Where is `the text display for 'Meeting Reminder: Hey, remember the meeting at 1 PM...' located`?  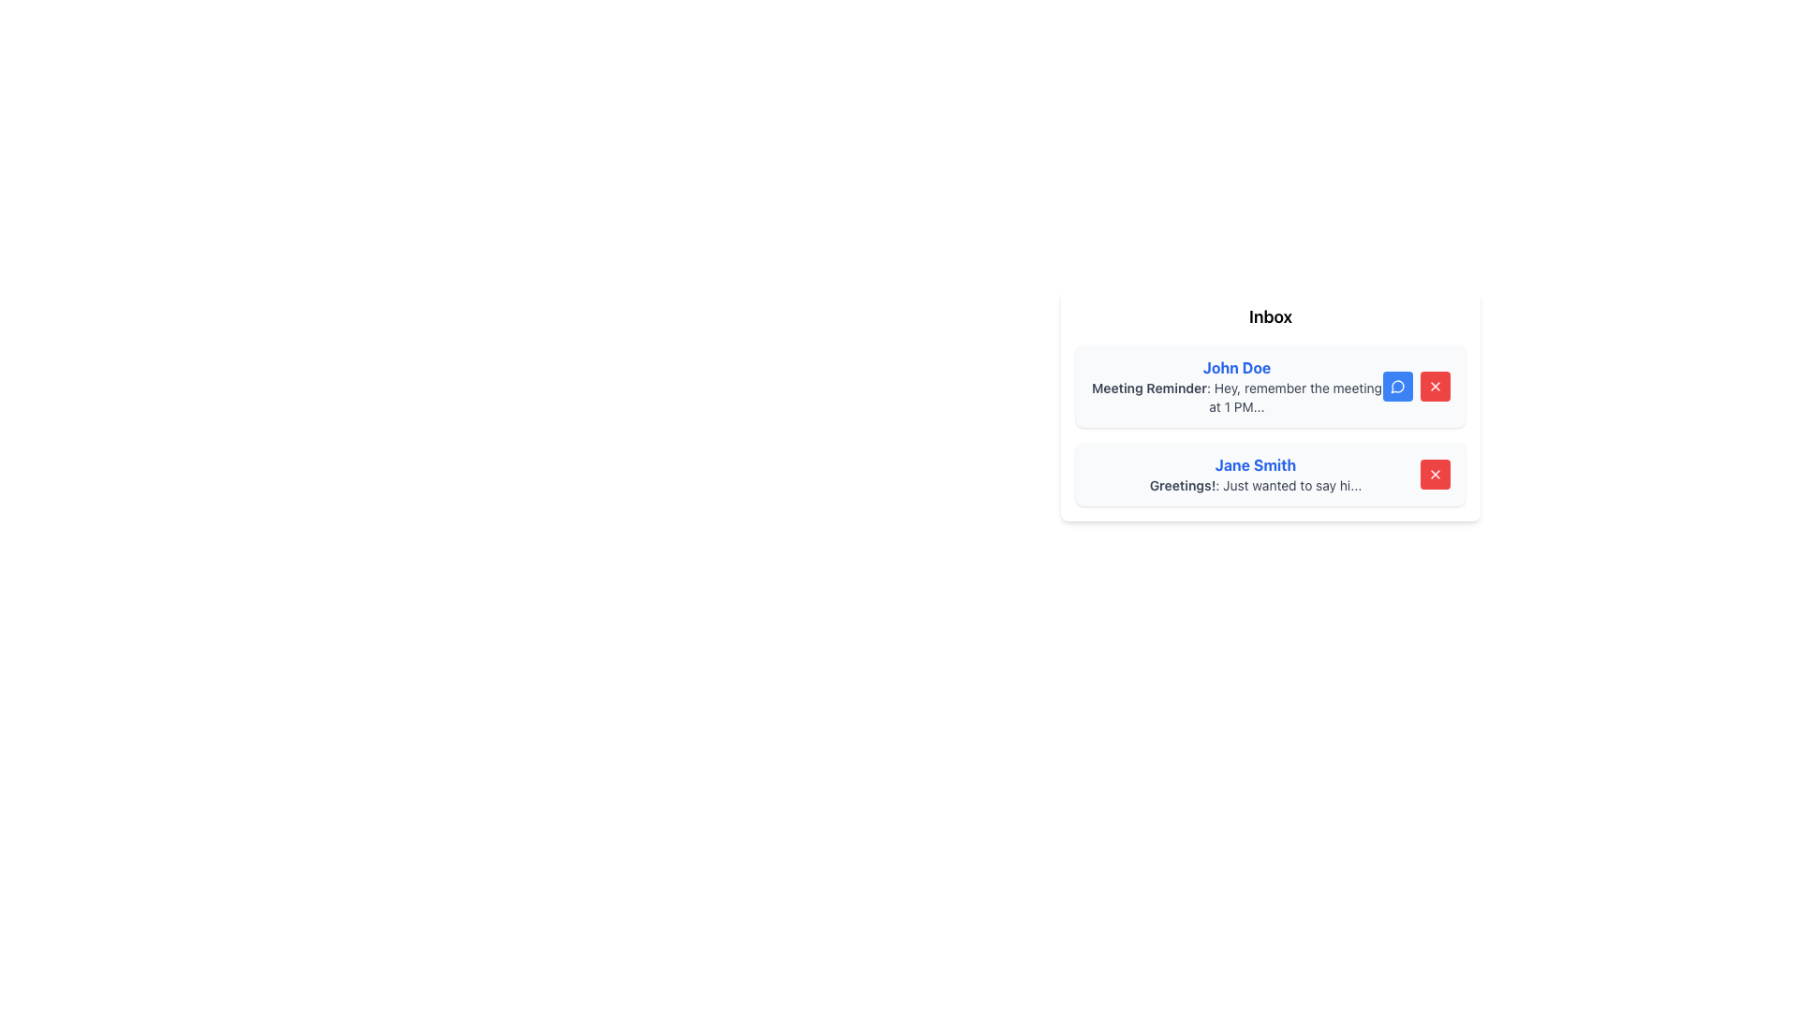
the text display for 'Meeting Reminder: Hey, remember the meeting at 1 PM...' located is located at coordinates (1236, 396).